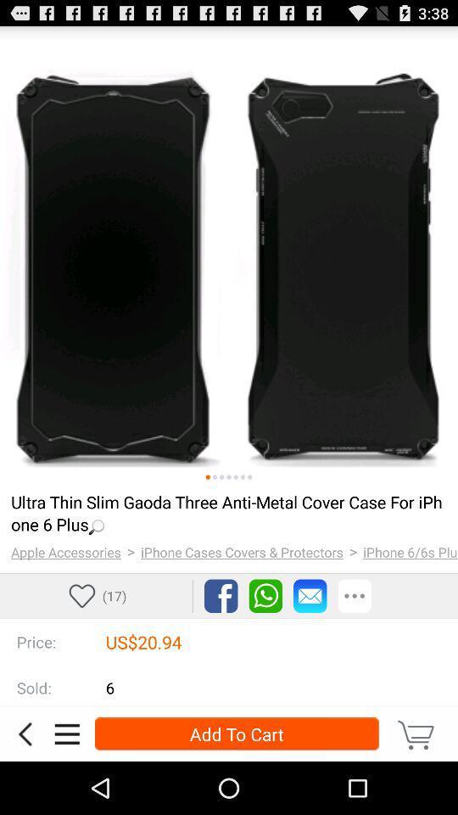 This screenshot has height=815, width=458. Describe the element at coordinates (354, 596) in the screenshot. I see `click the 3 dots` at that location.